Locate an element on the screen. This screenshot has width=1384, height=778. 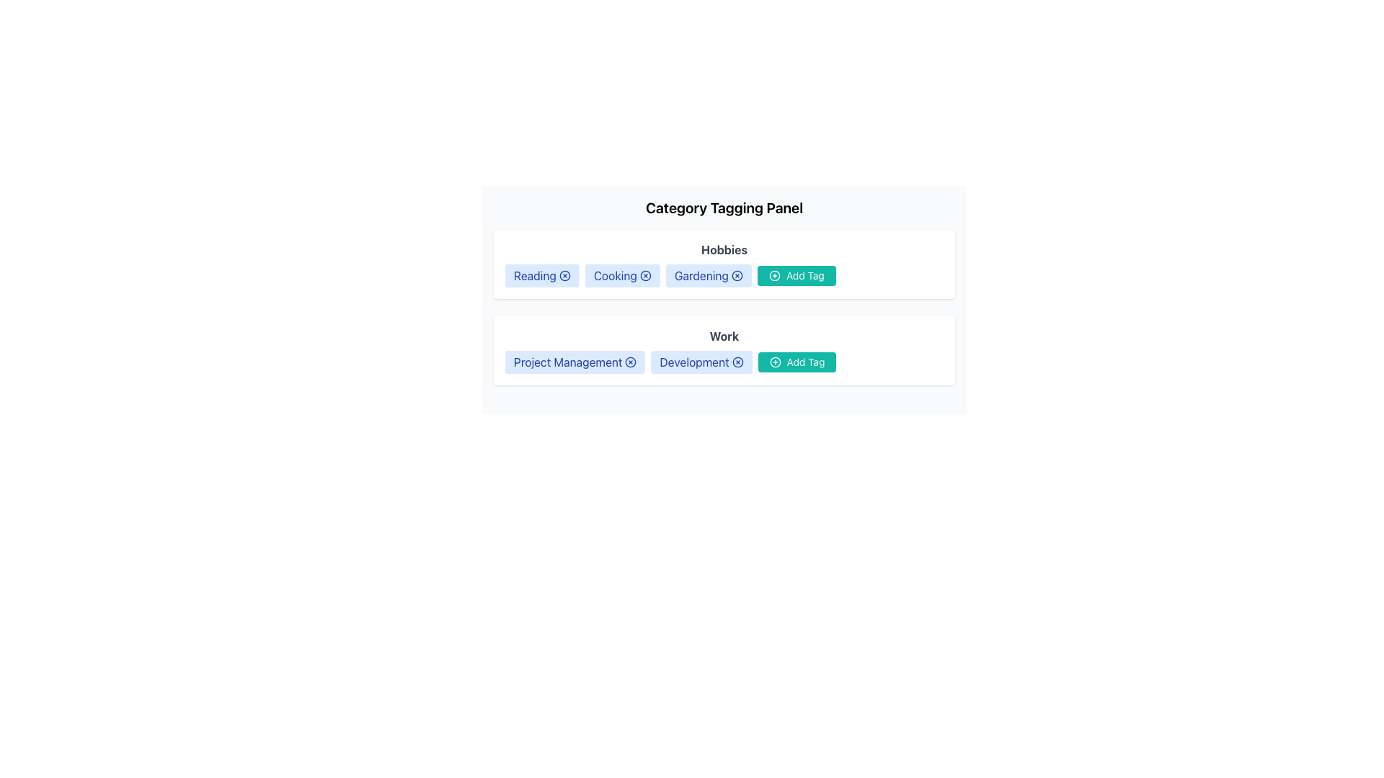
the 'Development' tag with a light blue background and an 'X' icon is located at coordinates (701, 361).